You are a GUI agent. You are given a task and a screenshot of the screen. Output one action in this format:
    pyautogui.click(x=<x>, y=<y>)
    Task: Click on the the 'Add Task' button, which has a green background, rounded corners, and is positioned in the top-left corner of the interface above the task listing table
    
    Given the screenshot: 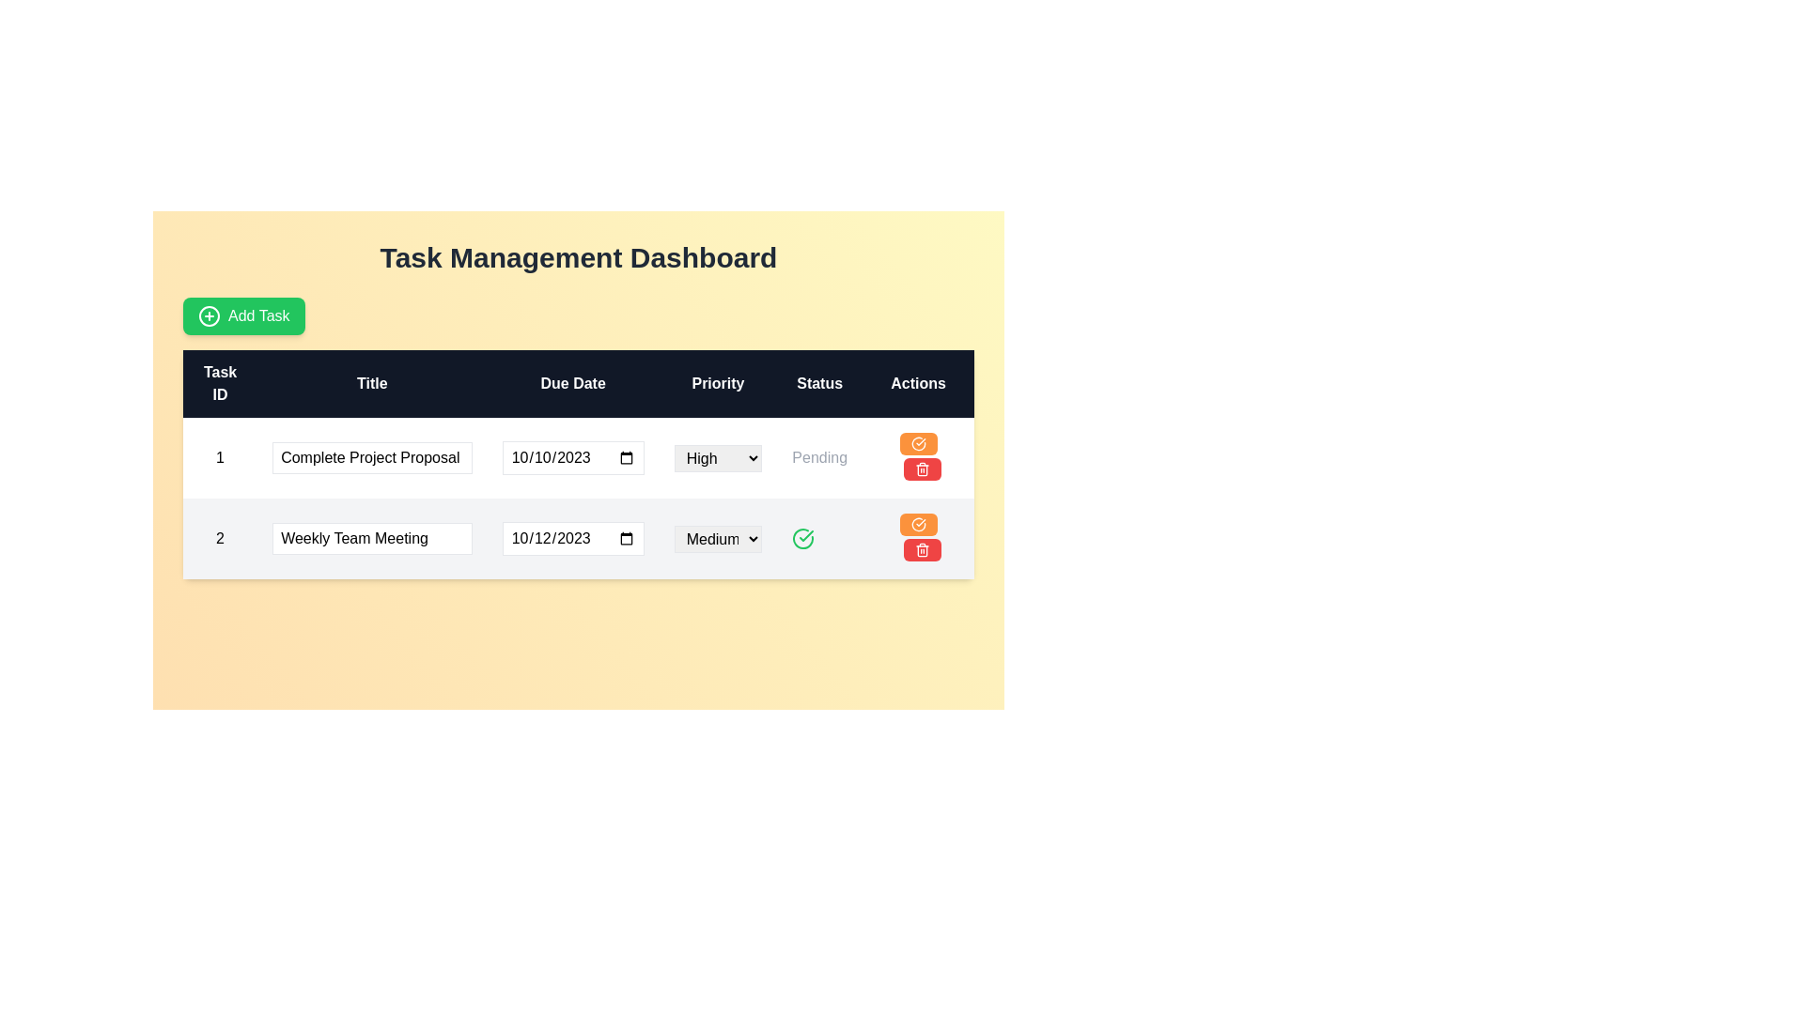 What is the action you would take?
    pyautogui.click(x=242, y=315)
    